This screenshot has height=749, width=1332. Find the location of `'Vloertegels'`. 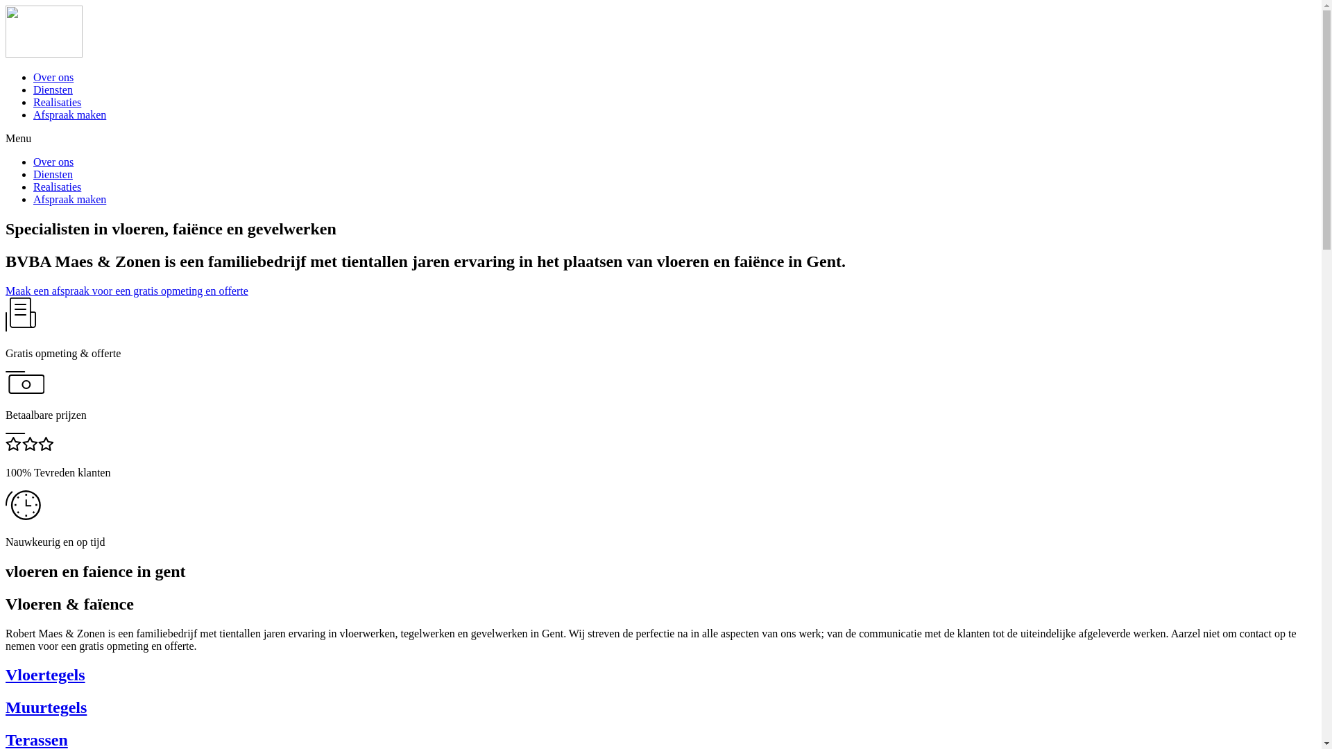

'Vloertegels' is located at coordinates (6, 674).